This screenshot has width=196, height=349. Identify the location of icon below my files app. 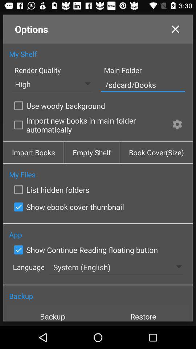
(50, 189).